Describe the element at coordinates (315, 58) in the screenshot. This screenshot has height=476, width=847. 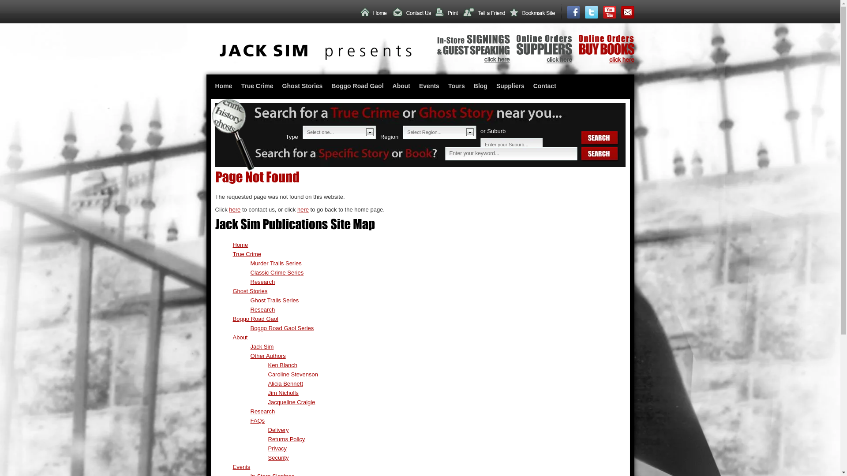
I see `'Jack Sim Presents'` at that location.